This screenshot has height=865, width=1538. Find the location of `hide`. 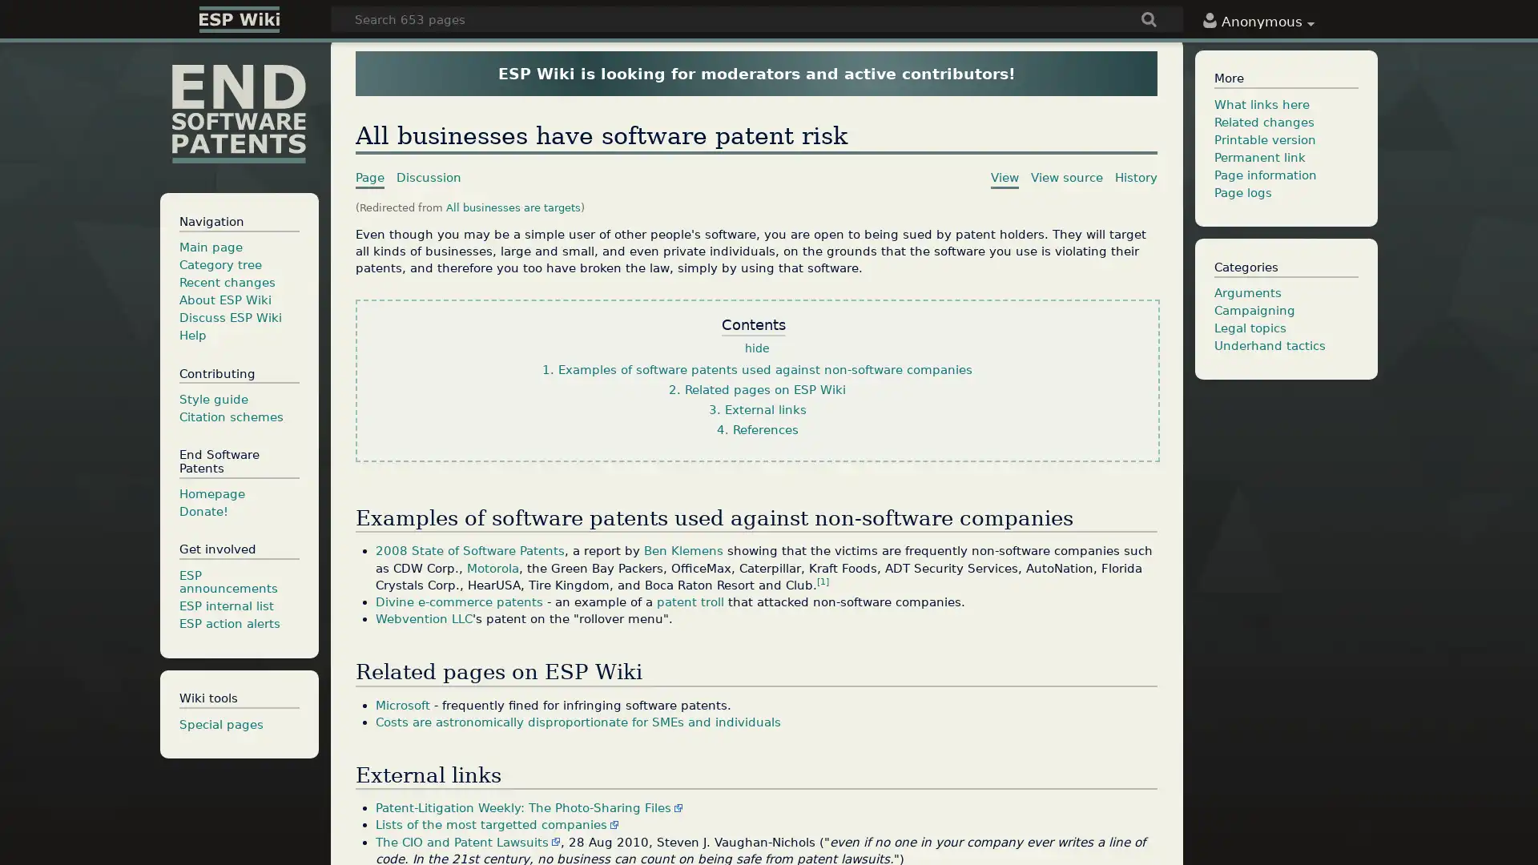

hide is located at coordinates (756, 348).